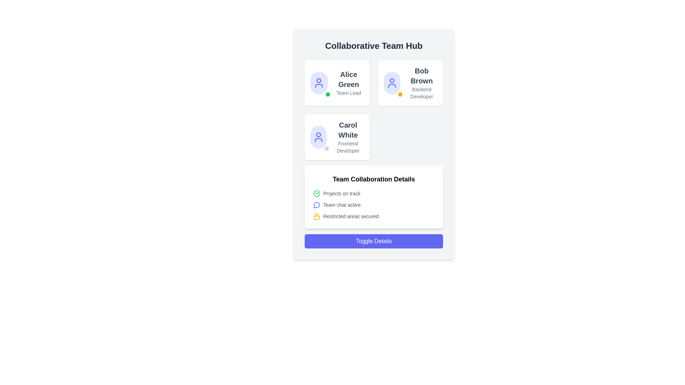  Describe the element at coordinates (348, 137) in the screenshot. I see `the Text label displaying 'Carol White' and 'Frontend Developer' in the third tile of the second row under the 'Collaborative Team Hub' section` at that location.